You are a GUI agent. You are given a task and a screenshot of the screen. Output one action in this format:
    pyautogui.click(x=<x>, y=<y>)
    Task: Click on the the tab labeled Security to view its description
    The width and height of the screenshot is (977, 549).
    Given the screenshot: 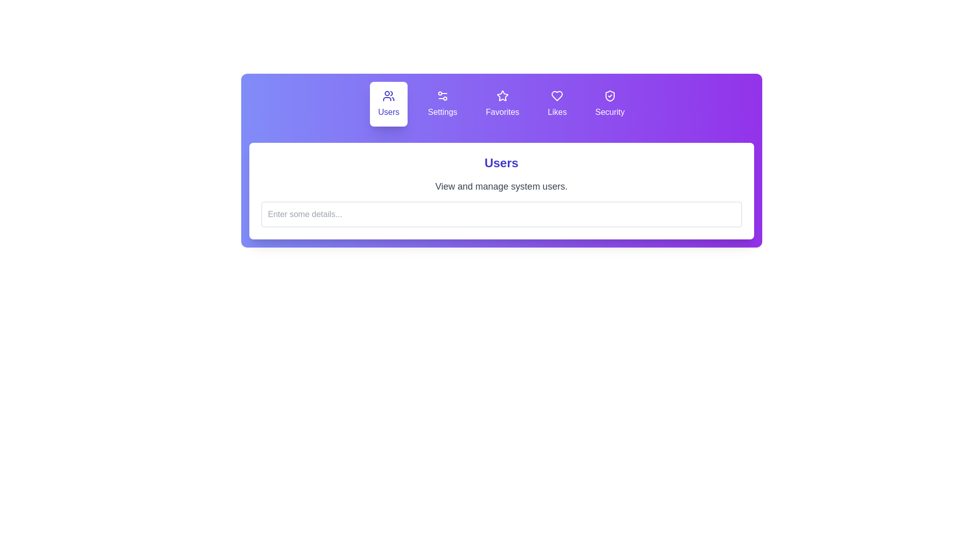 What is the action you would take?
    pyautogui.click(x=610, y=104)
    